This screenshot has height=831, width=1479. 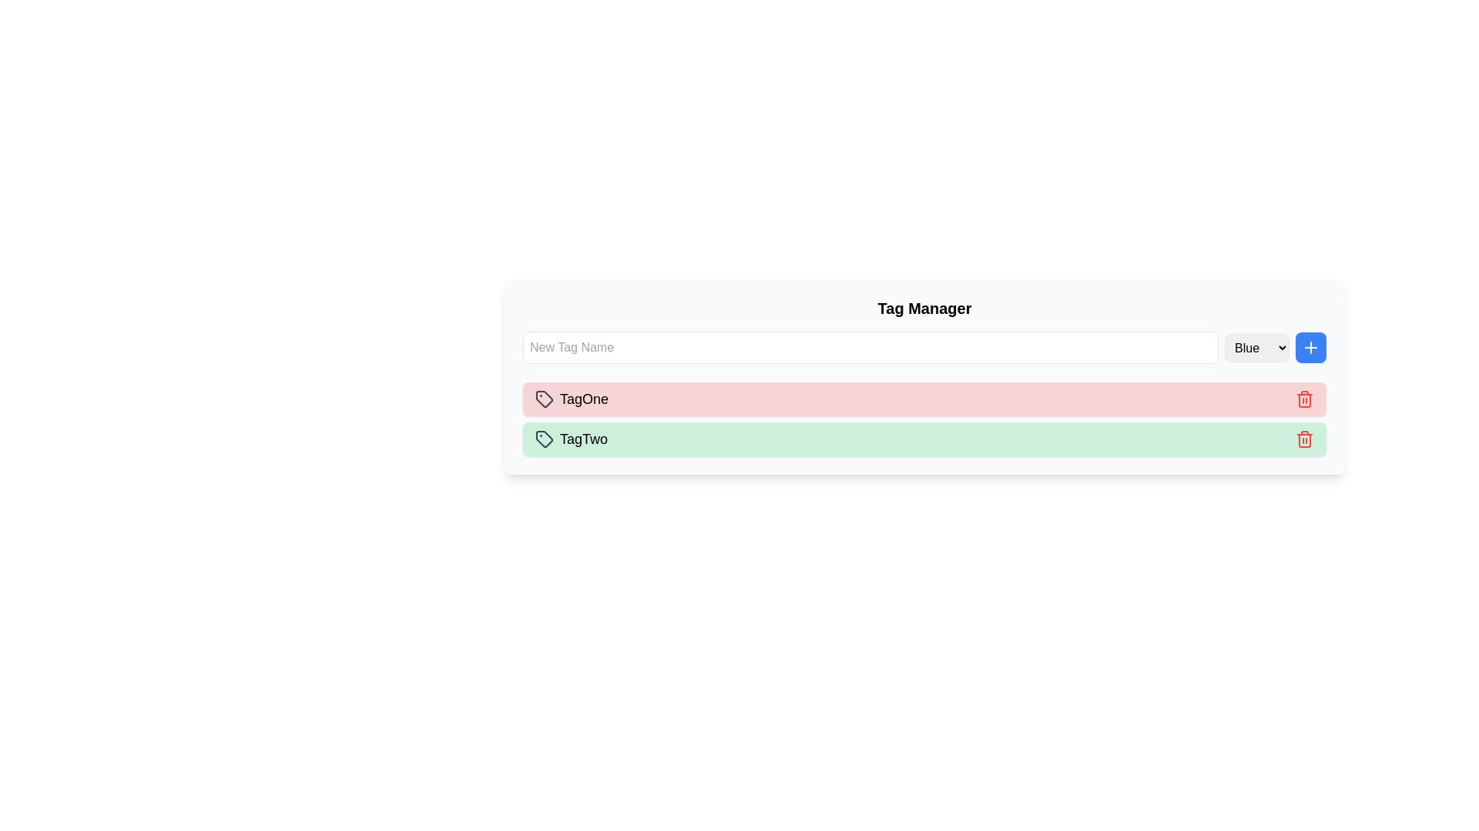 What do you see at coordinates (1257, 347) in the screenshot?
I see `the Dropdown menu displaying the text 'BlueGreenRedYellow'` at bounding box center [1257, 347].